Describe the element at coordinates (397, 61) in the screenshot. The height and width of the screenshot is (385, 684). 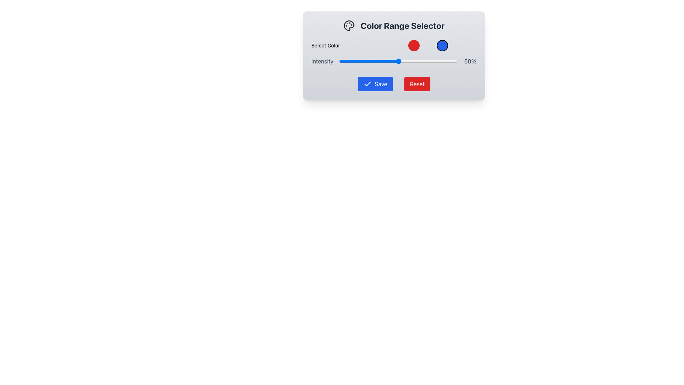
I see `intensity` at that location.